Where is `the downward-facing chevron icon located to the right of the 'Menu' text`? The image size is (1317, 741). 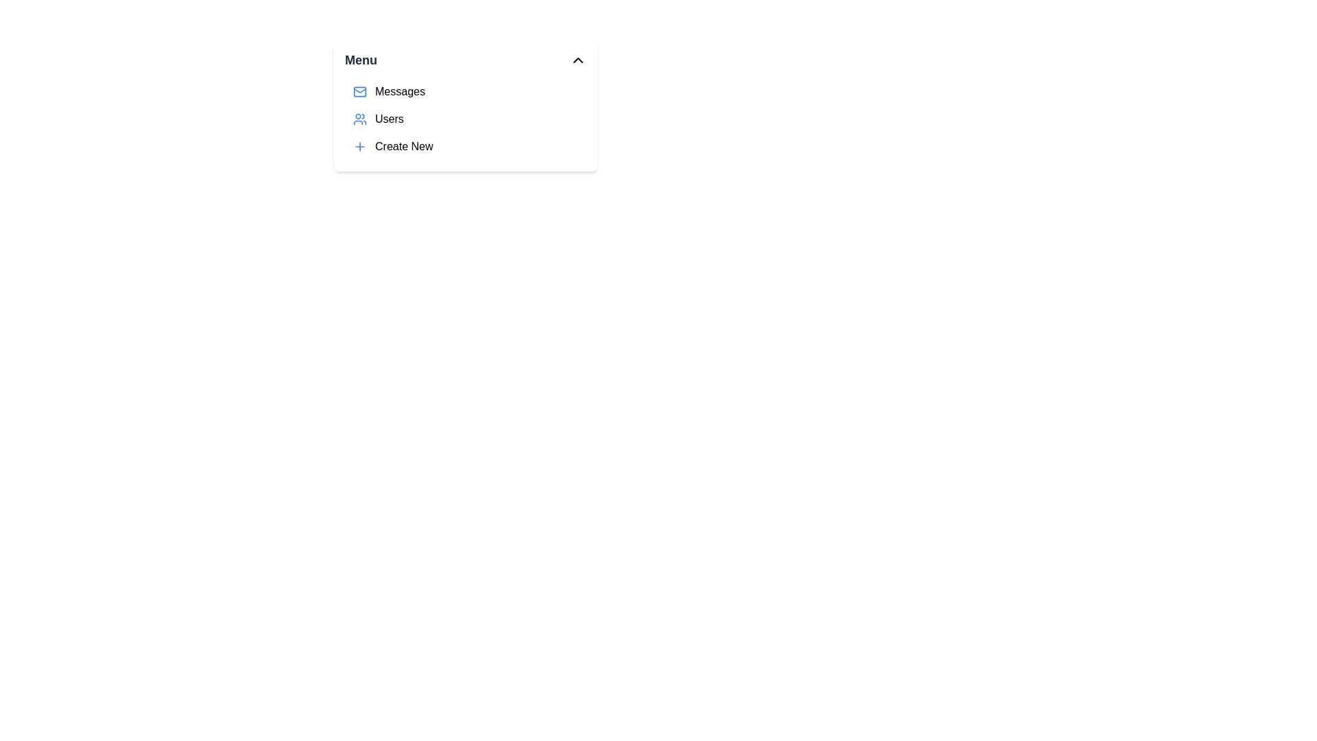
the downward-facing chevron icon located to the right of the 'Menu' text is located at coordinates (578, 60).